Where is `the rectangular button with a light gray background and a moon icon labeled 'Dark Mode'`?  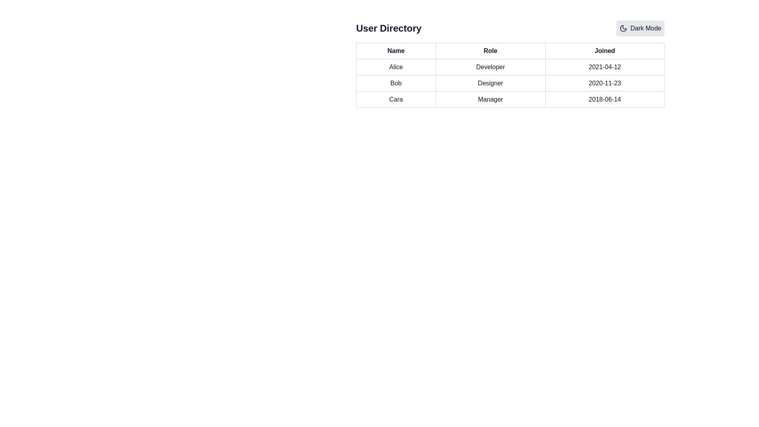 the rectangular button with a light gray background and a moon icon labeled 'Dark Mode' is located at coordinates (640, 28).